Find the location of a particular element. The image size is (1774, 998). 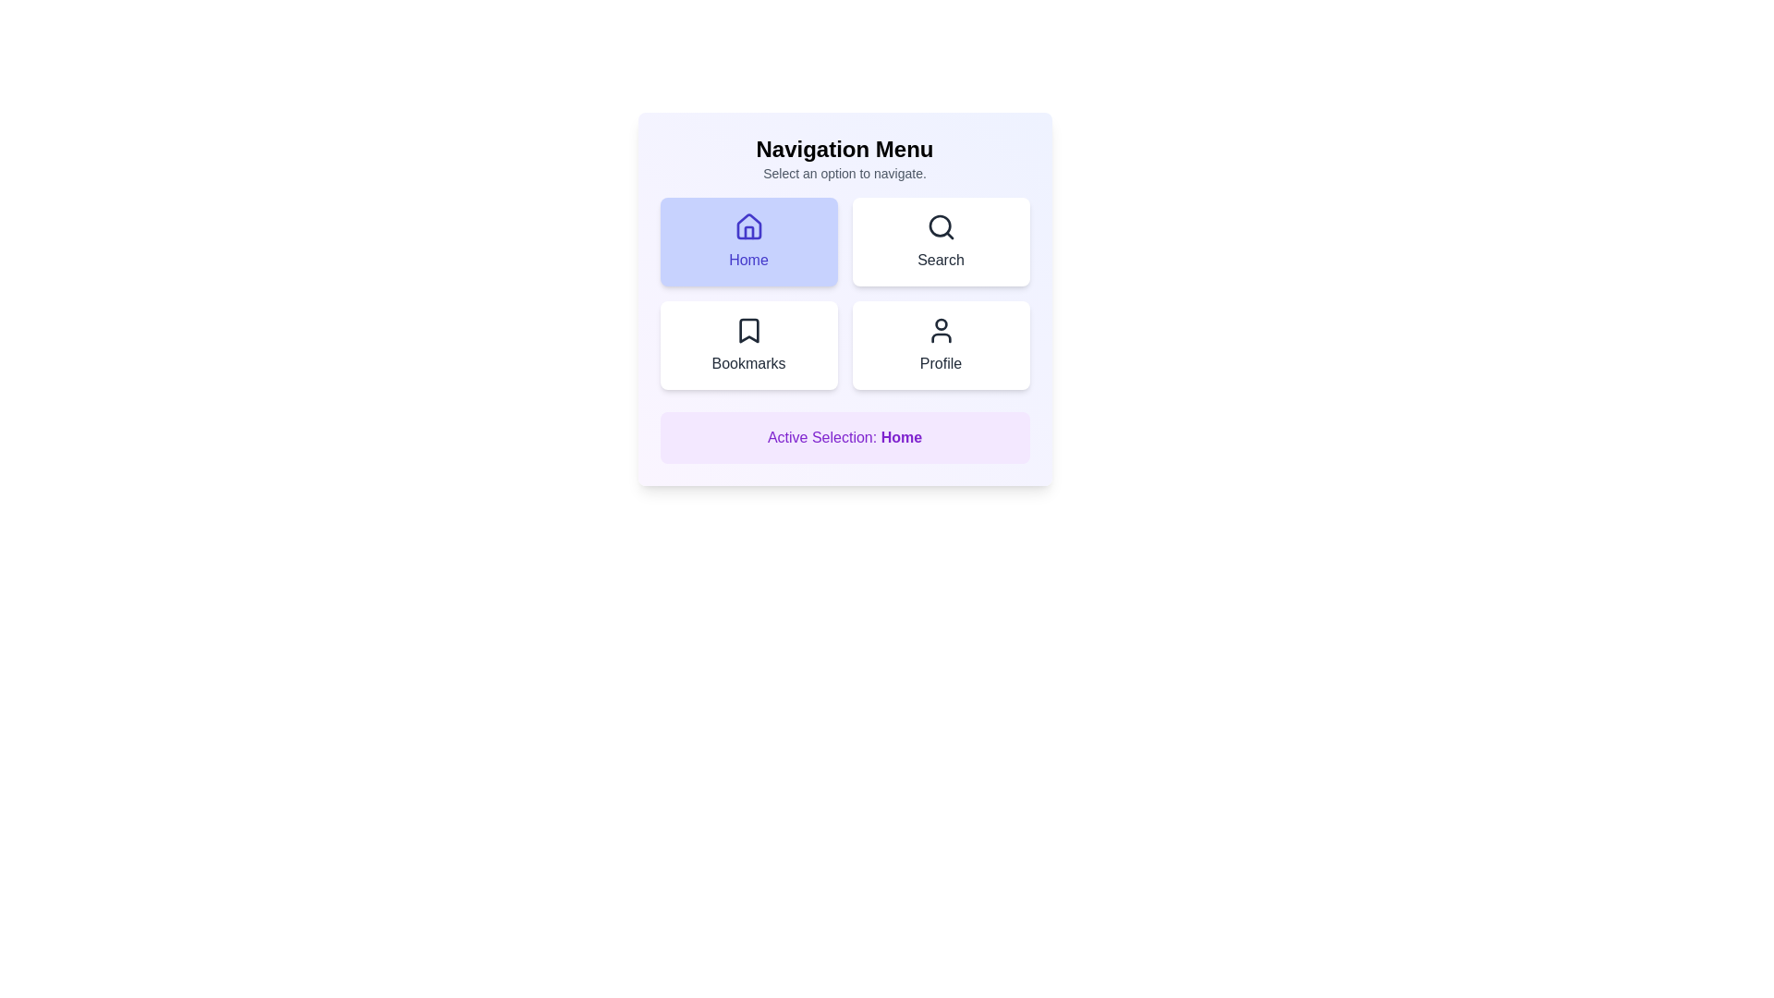

the menu item Search is located at coordinates (941, 241).